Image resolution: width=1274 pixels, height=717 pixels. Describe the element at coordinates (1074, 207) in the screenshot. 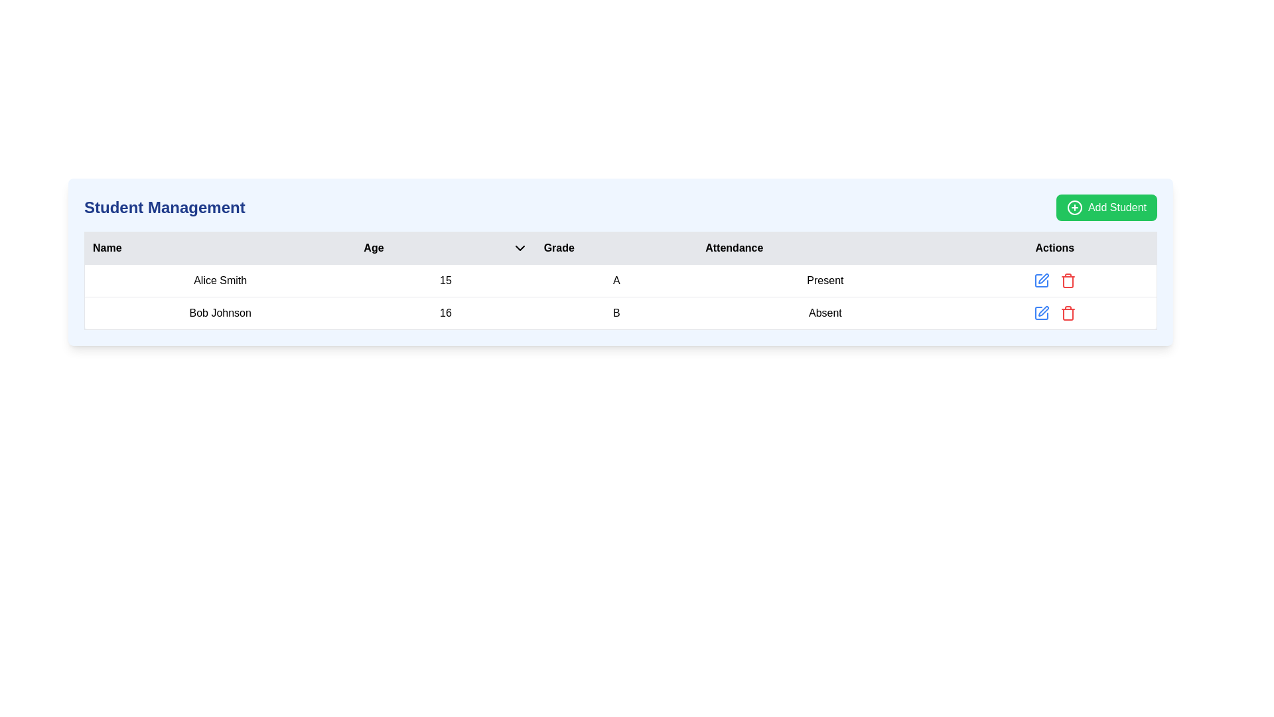

I see `the circular icon located at the center of the 'Add Student' button in green at the top right corner of the interface` at that location.